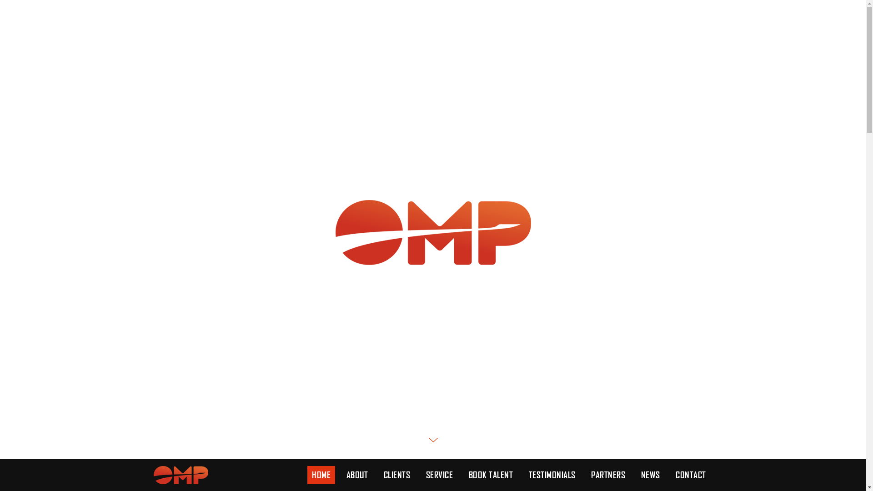 Image resolution: width=873 pixels, height=491 pixels. I want to click on 'HOME', so click(321, 475).